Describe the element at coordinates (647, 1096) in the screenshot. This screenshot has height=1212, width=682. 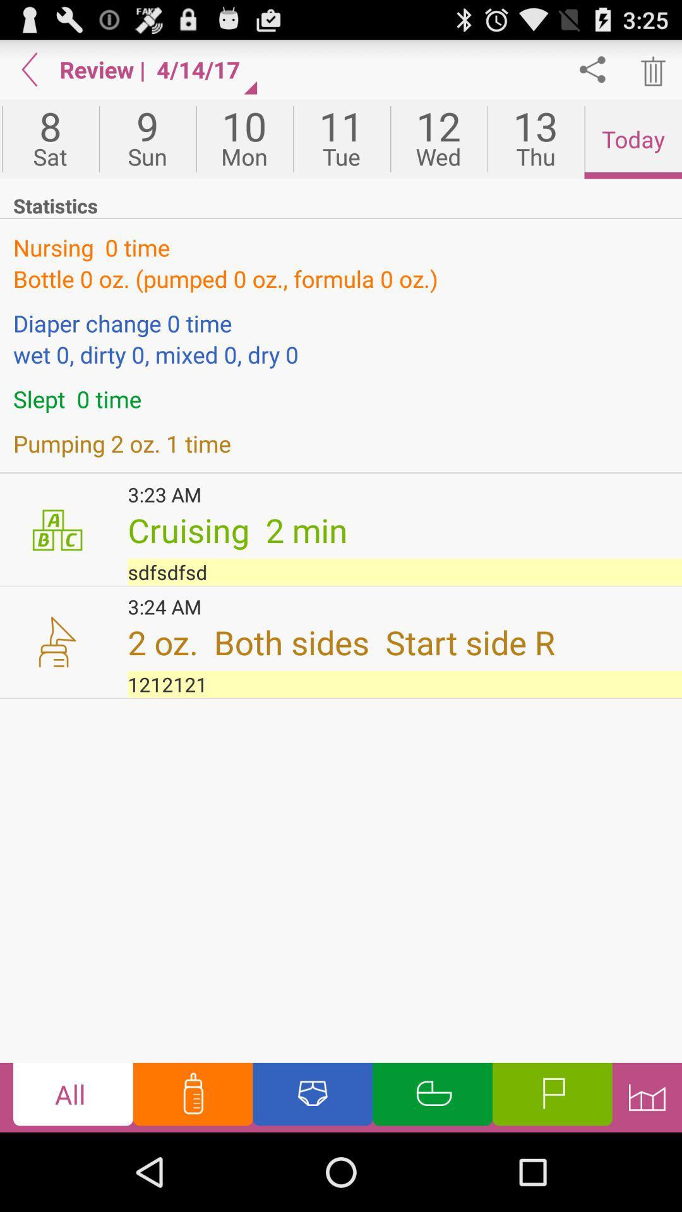
I see `show chart` at that location.